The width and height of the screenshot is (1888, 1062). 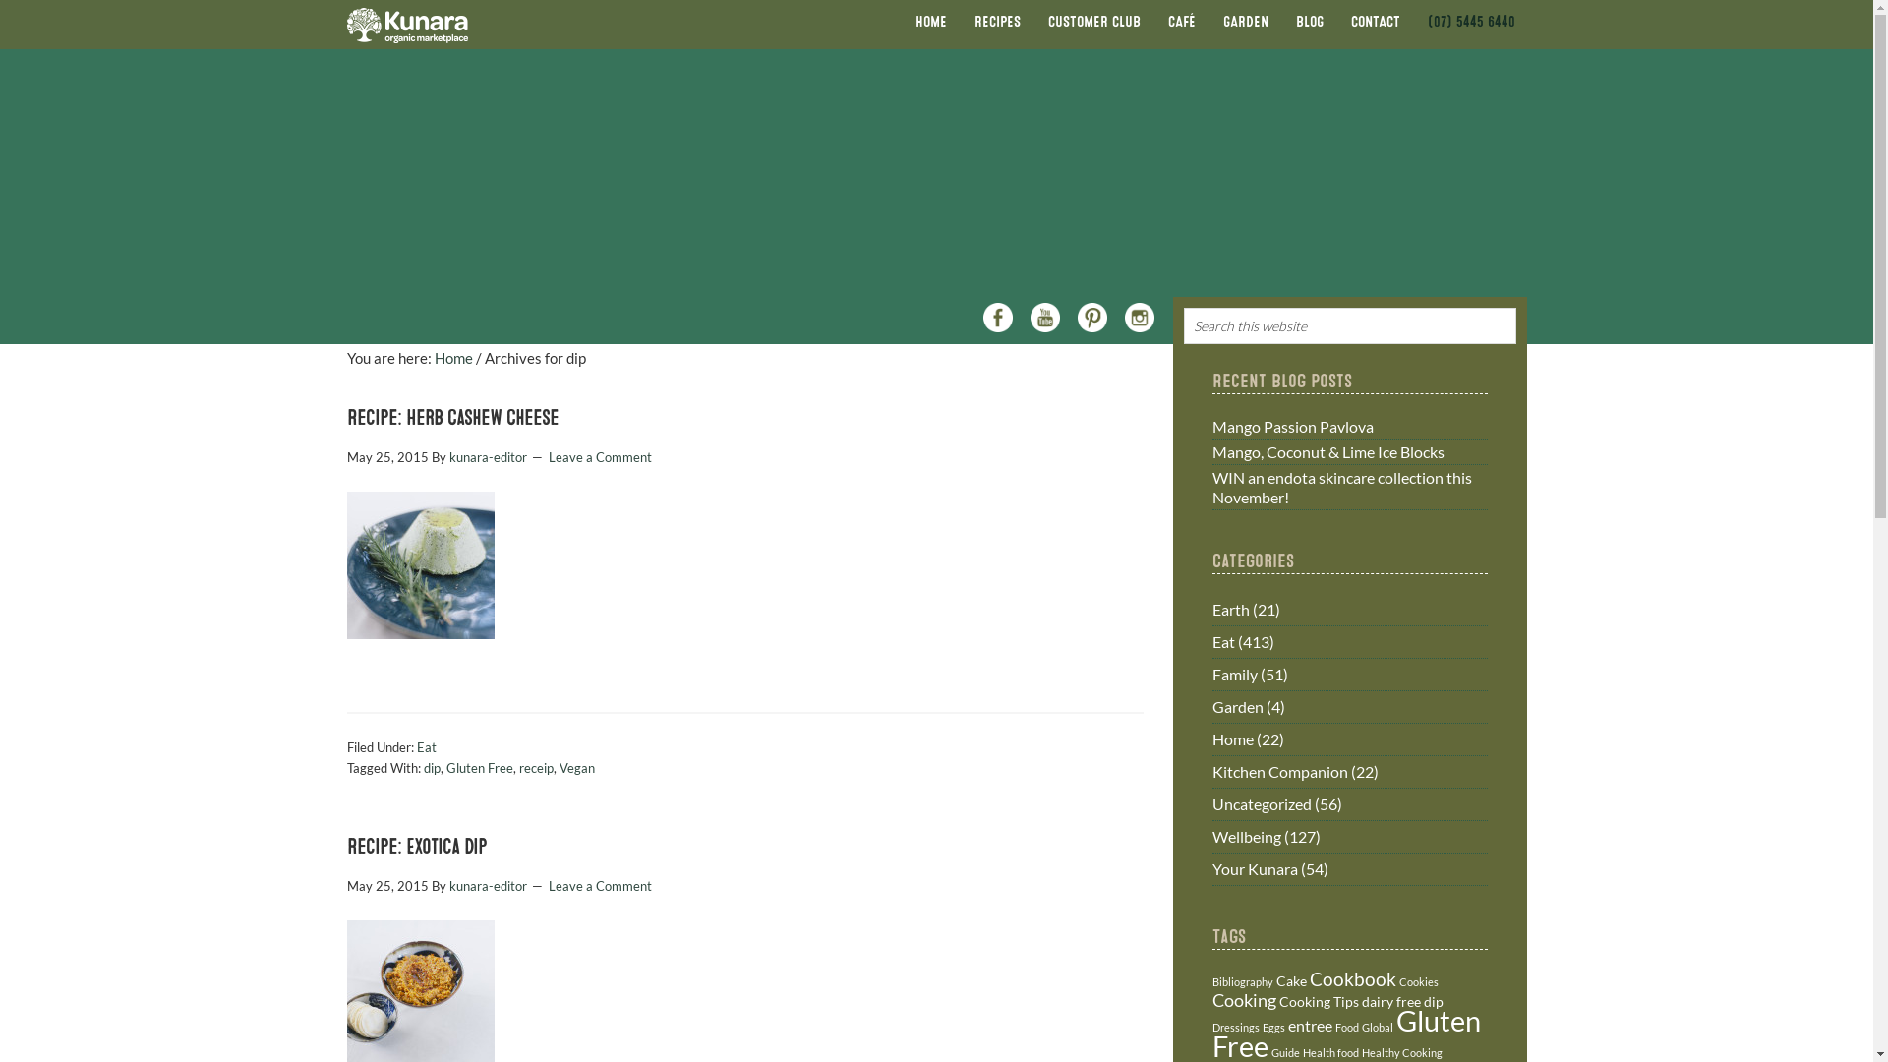 I want to click on 'CONTACT', so click(x=1374, y=22).